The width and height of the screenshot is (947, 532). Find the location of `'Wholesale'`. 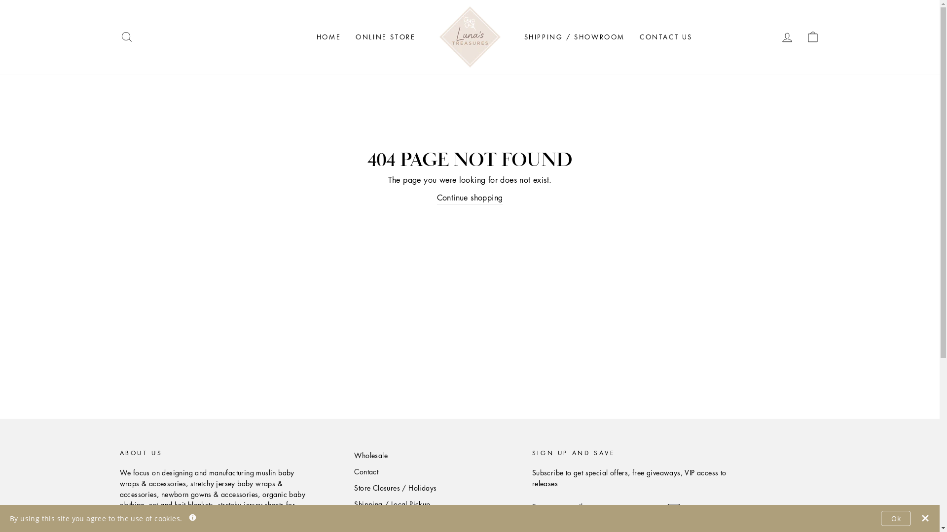

'Wholesale' is located at coordinates (370, 456).